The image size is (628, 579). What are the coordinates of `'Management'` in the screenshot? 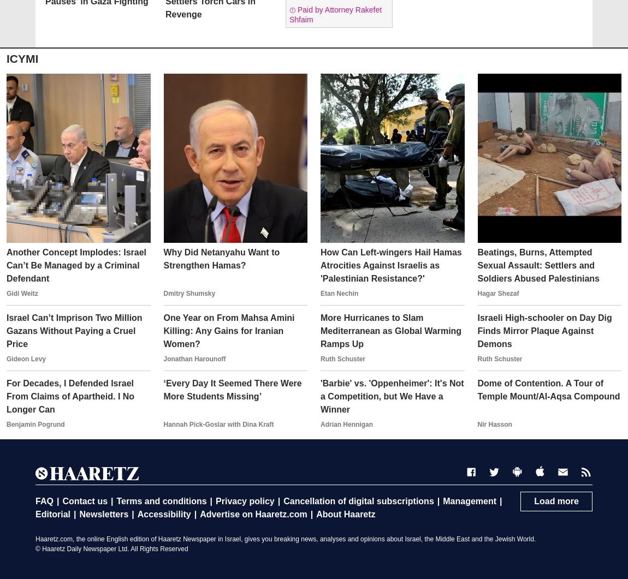 It's located at (442, 500).